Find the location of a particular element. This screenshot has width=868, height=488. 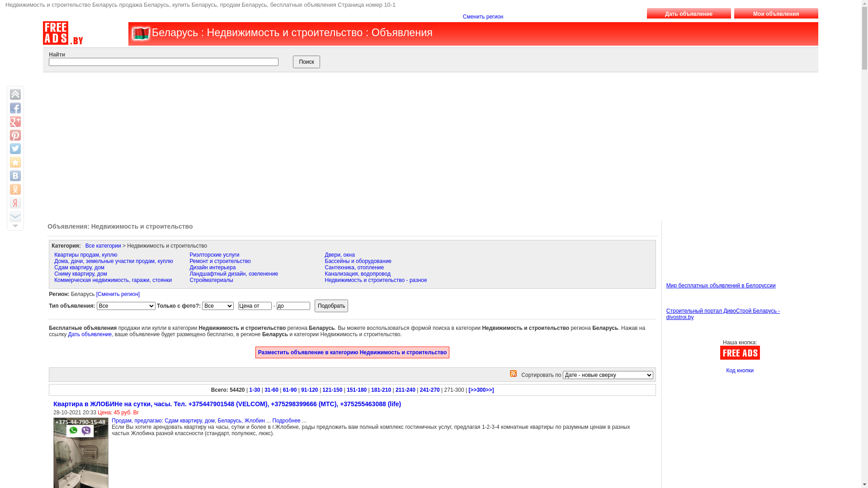

'91-120' is located at coordinates (309, 389).